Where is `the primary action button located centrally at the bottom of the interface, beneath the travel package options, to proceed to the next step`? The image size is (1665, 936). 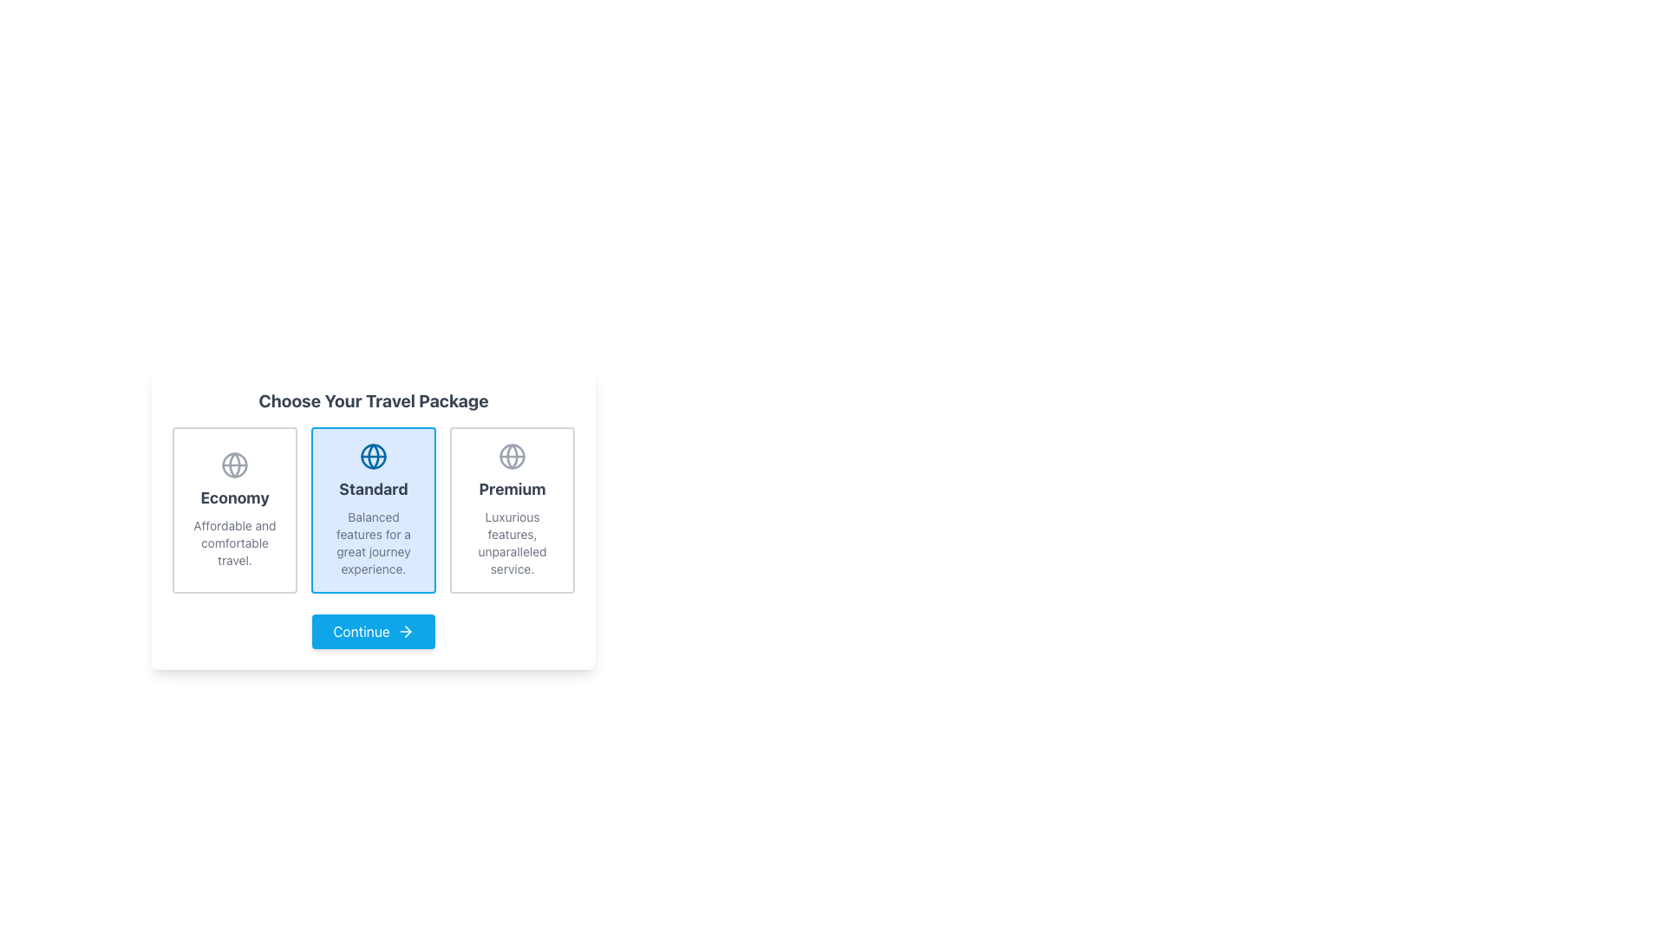
the primary action button located centrally at the bottom of the interface, beneath the travel package options, to proceed to the next step is located at coordinates (373, 632).